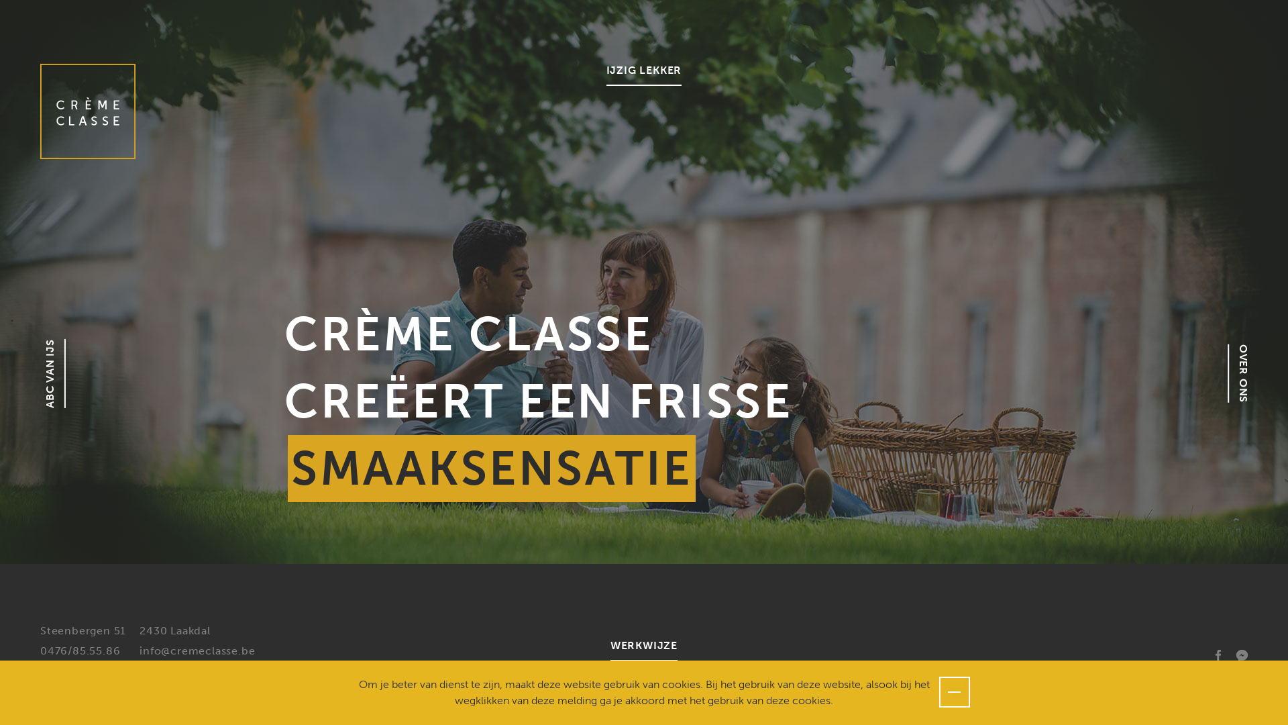  What do you see at coordinates (610, 649) in the screenshot?
I see `'WERKWIJZE'` at bounding box center [610, 649].